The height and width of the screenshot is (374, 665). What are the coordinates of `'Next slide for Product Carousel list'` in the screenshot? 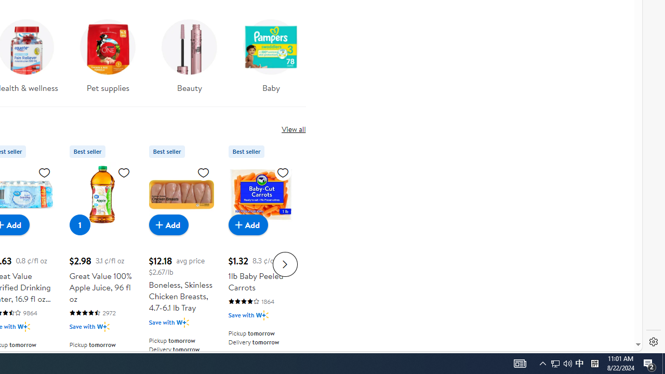 It's located at (285, 263).